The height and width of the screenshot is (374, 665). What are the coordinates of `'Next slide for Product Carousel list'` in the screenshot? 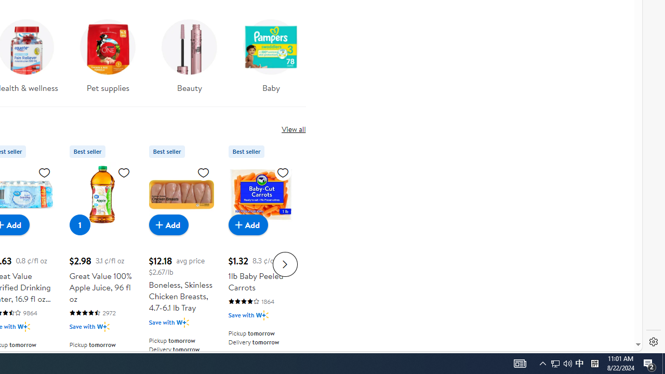 It's located at (285, 263).